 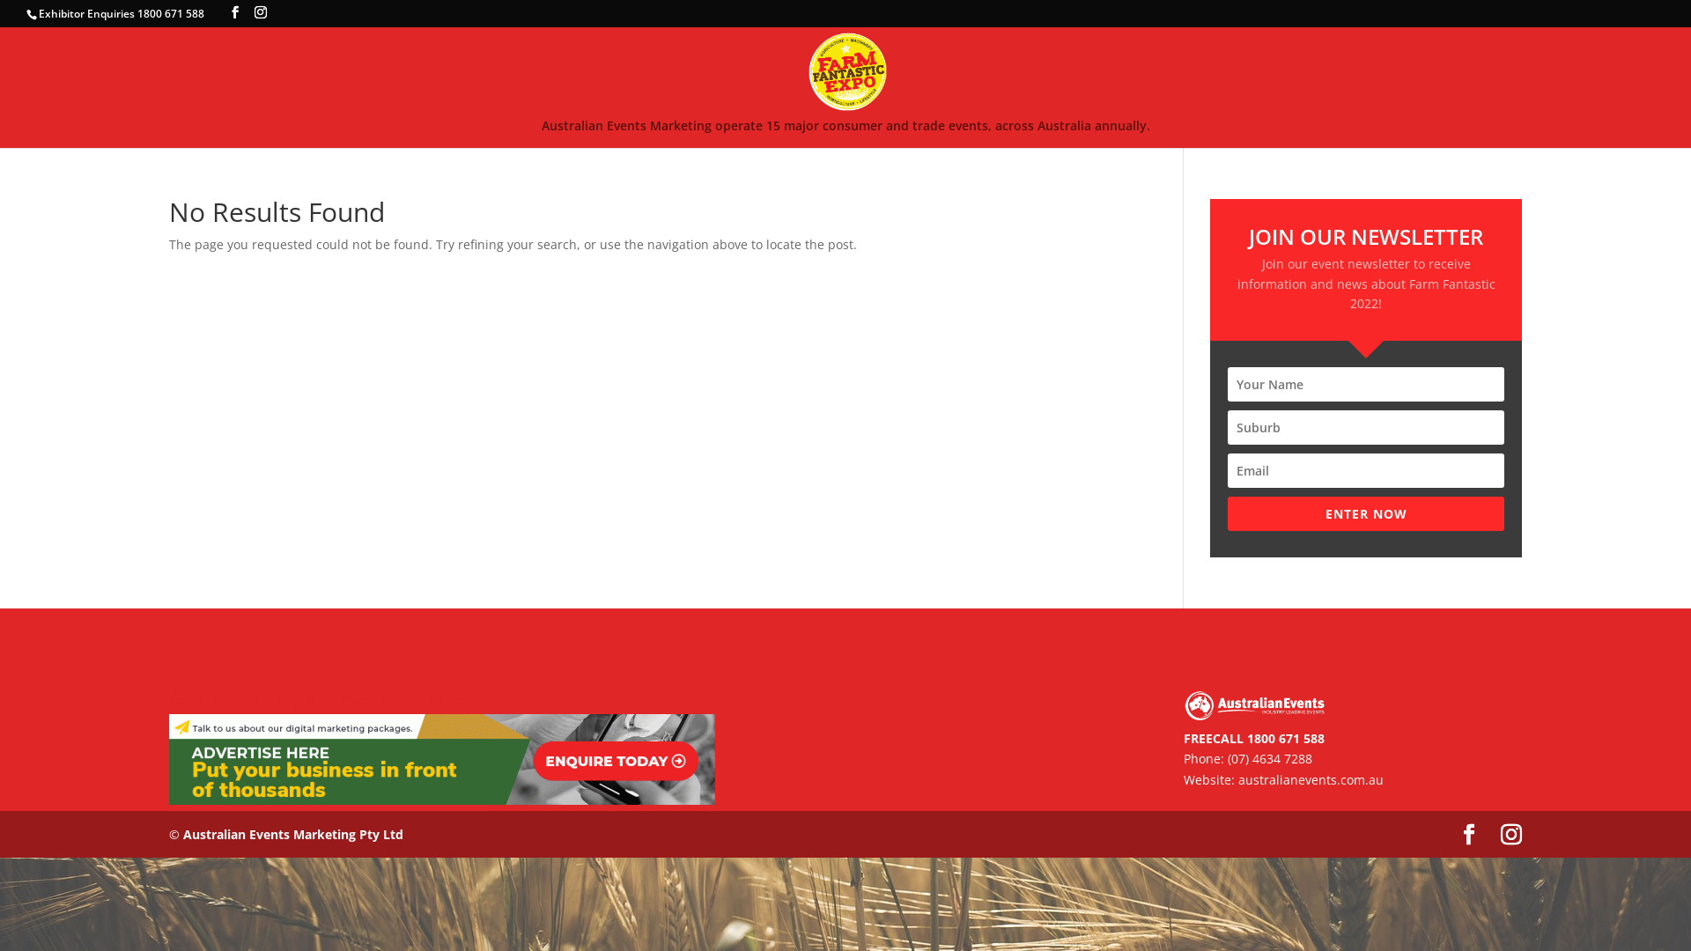 I want to click on '1800 671 588', so click(x=1246, y=738).